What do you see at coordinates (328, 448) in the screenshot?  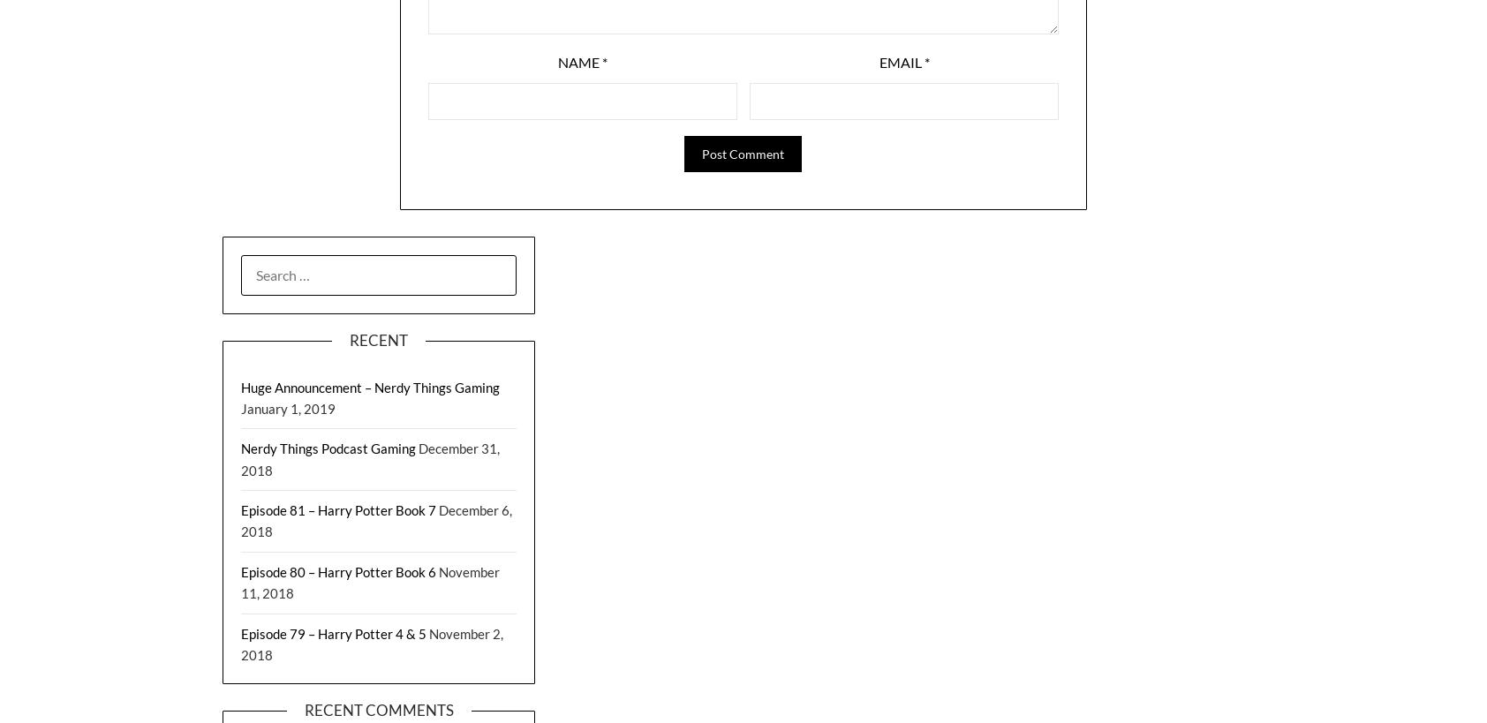 I see `'Nerdy Things Podcast Gaming'` at bounding box center [328, 448].